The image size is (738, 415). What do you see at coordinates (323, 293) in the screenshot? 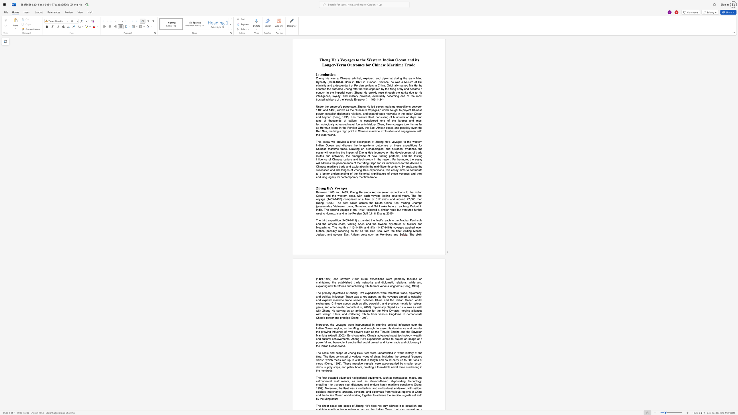
I see `the space between the continuous character "p" and "r" in the text` at bounding box center [323, 293].